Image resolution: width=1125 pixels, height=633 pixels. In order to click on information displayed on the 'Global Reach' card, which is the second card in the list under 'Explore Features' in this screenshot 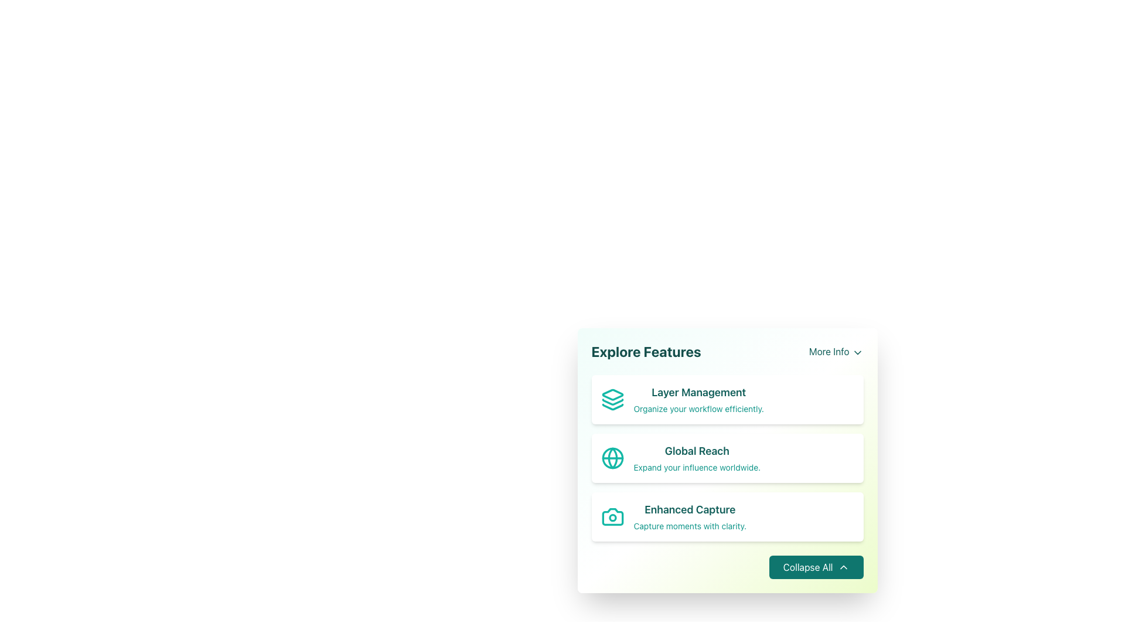, I will do `click(727, 458)`.